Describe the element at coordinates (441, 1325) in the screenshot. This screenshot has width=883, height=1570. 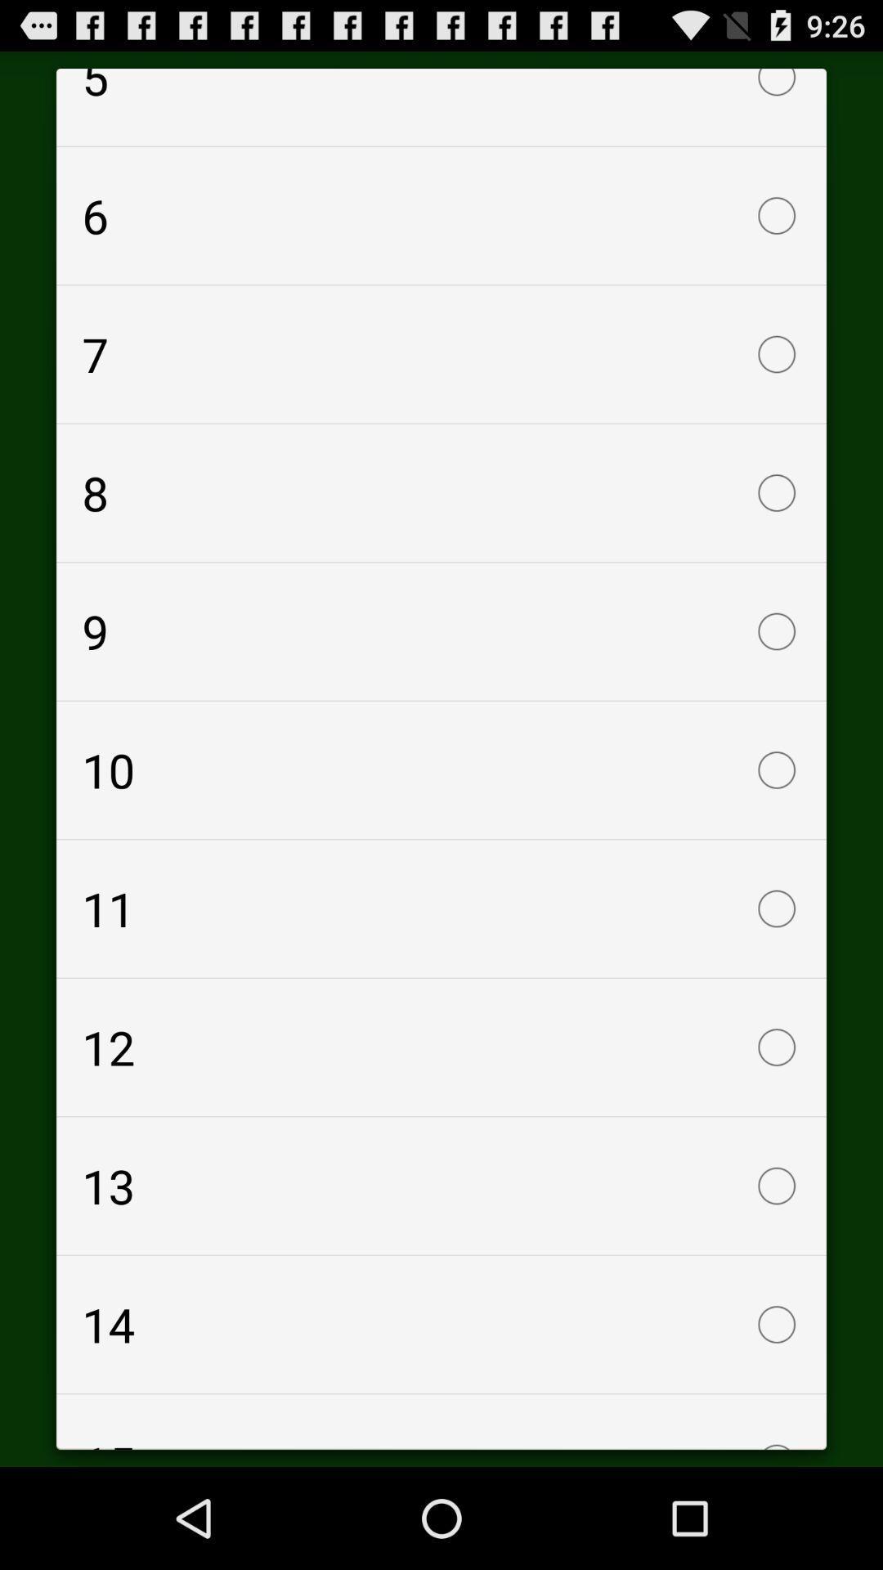
I see `checkbox above 15 icon` at that location.